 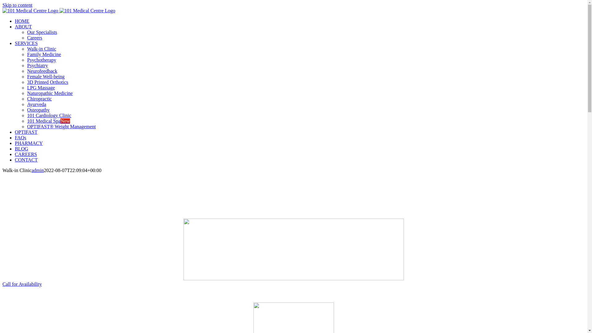 What do you see at coordinates (27, 60) in the screenshot?
I see `'Psychotherapy'` at bounding box center [27, 60].